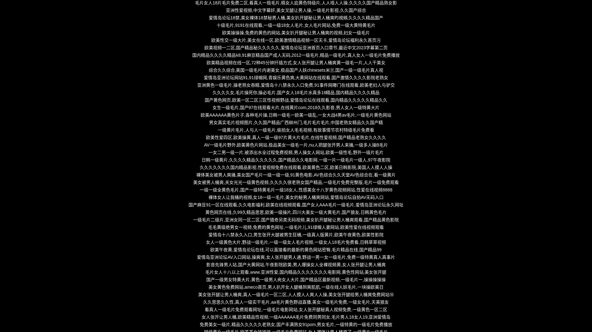  What do you see at coordinates (295, 92) in the screenshot?
I see `'久久久久女,毛片操死你,操必毛片,国产女人18毛片水真多18精品,国内精品久久久久精品'` at bounding box center [295, 92].